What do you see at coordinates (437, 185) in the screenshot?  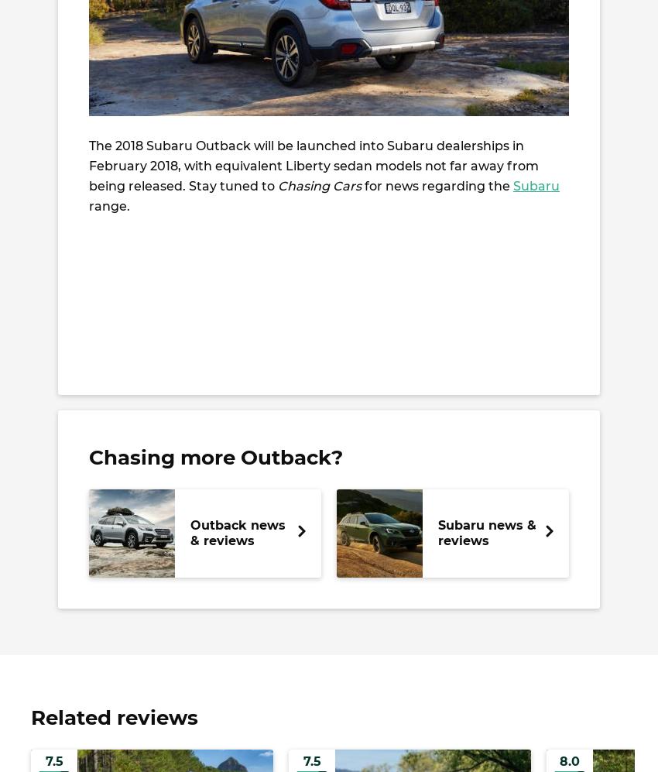 I see `'for news regarding the'` at bounding box center [437, 185].